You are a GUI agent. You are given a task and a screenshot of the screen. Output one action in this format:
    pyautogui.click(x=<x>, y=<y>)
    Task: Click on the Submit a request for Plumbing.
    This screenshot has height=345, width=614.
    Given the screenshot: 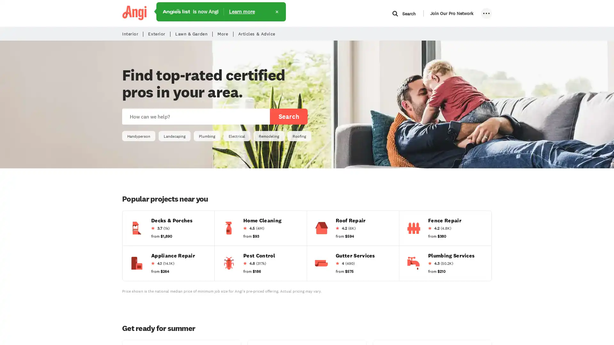 What is the action you would take?
    pyautogui.click(x=451, y=252)
    